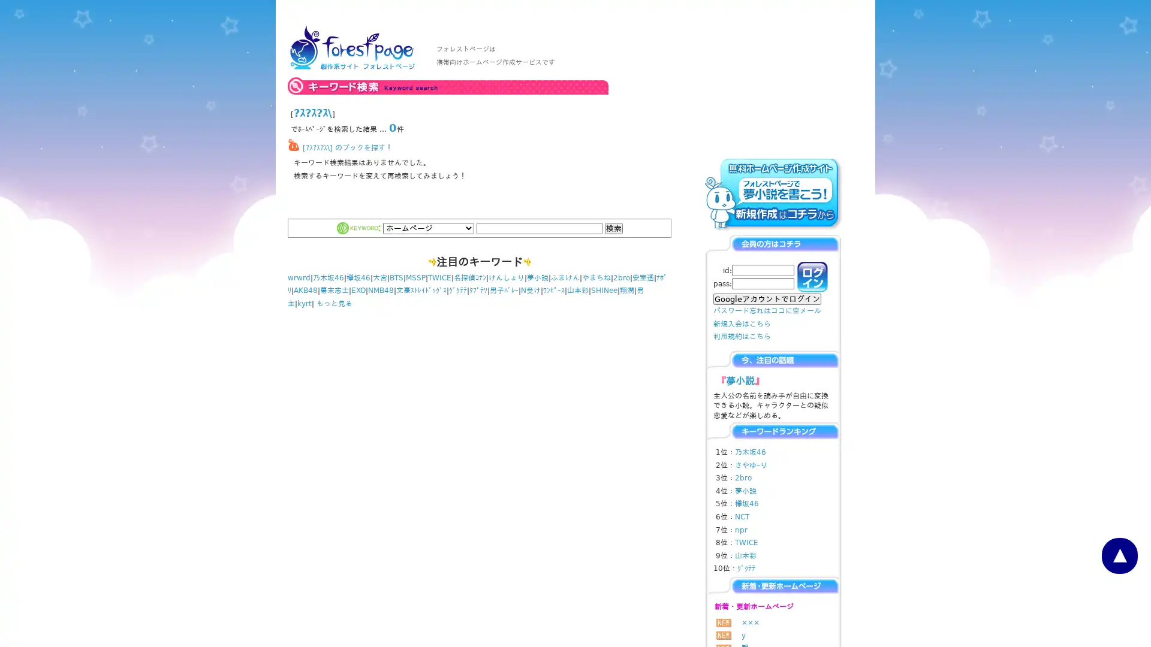  I want to click on login, so click(812, 277).